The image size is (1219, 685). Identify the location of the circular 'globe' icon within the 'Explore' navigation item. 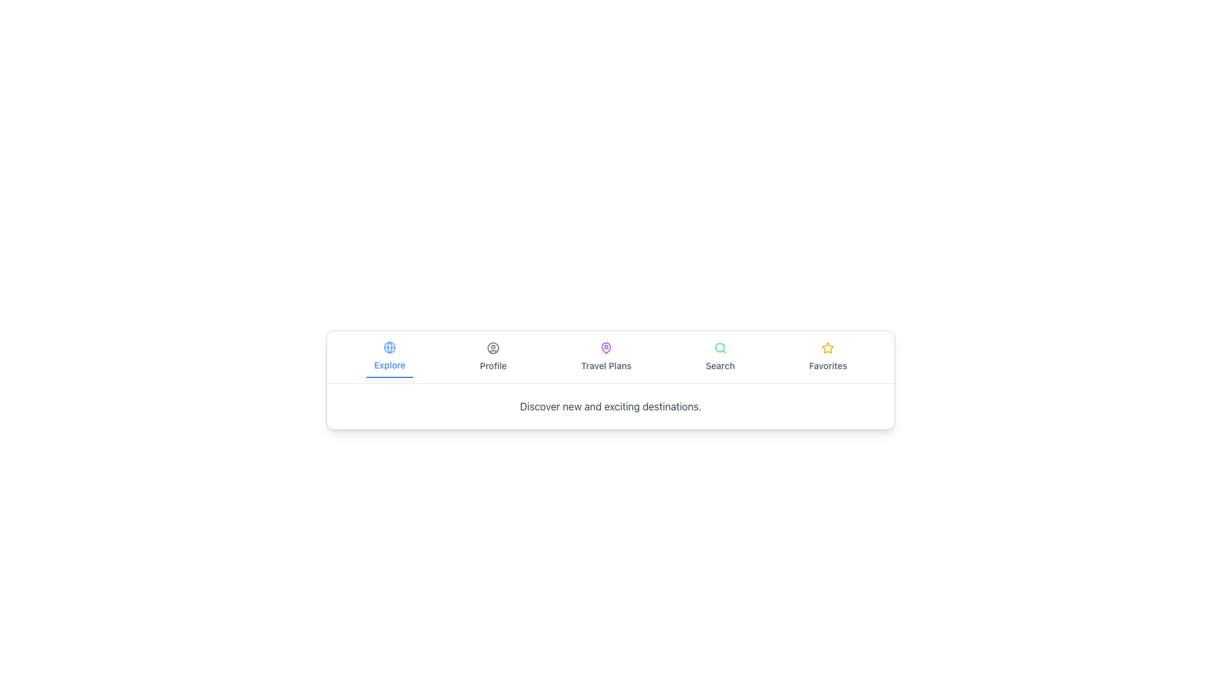
(389, 347).